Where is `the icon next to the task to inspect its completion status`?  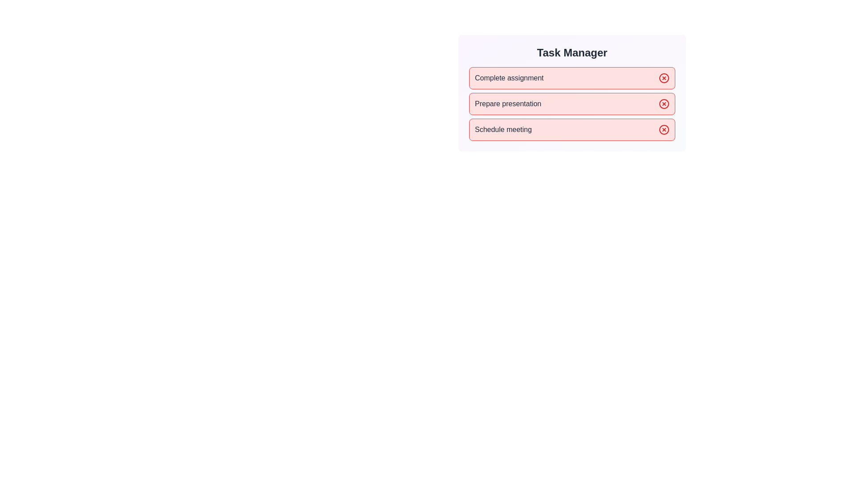
the icon next to the task to inspect its completion status is located at coordinates (664, 78).